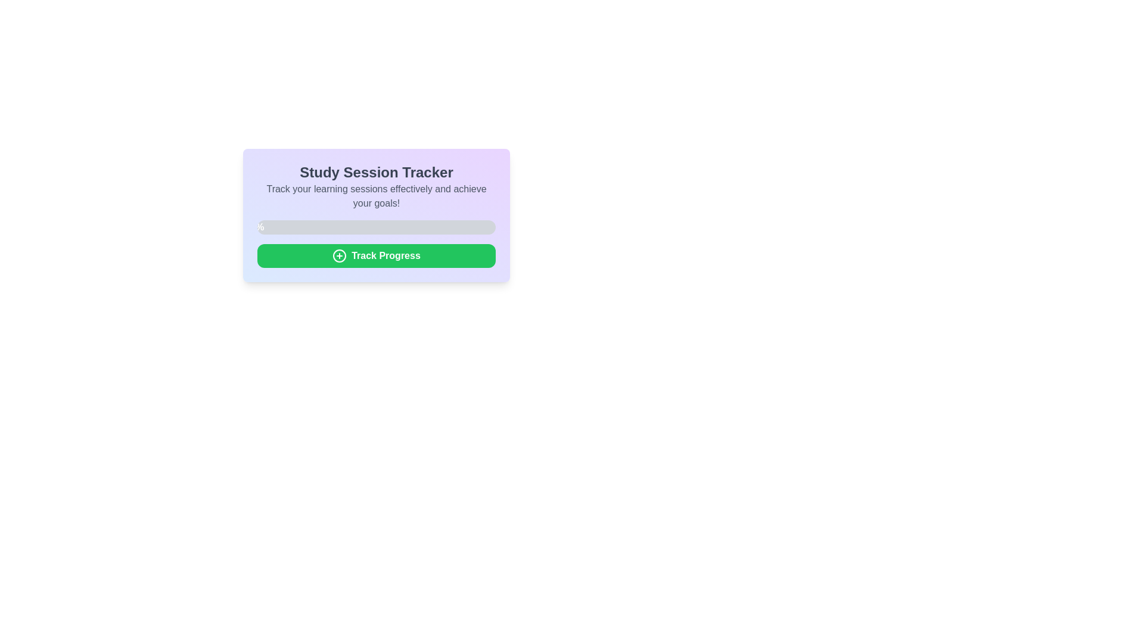 The image size is (1144, 643). What do you see at coordinates (386, 255) in the screenshot?
I see `the text label located at the center-right portion of the green button labeled 'Track Progress', which provides a textual label for the button` at bounding box center [386, 255].